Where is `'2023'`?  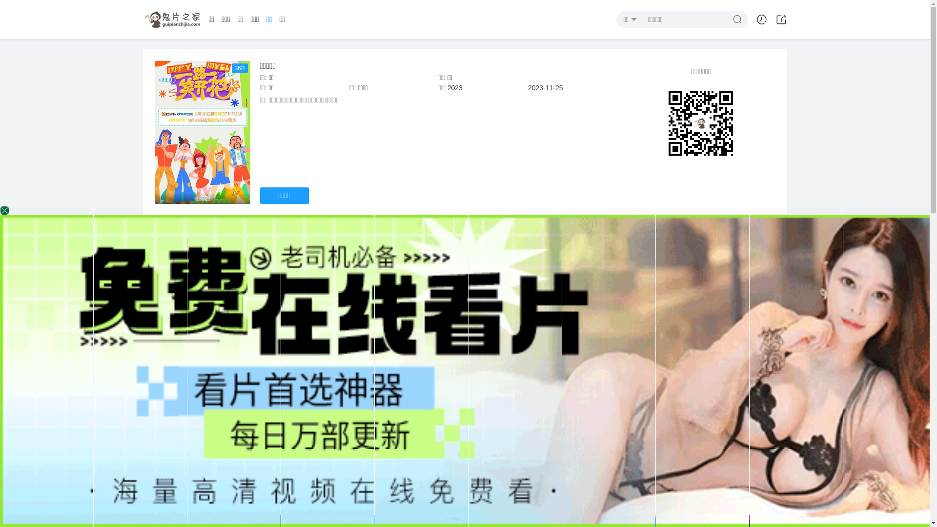 '2023' is located at coordinates (454, 88).